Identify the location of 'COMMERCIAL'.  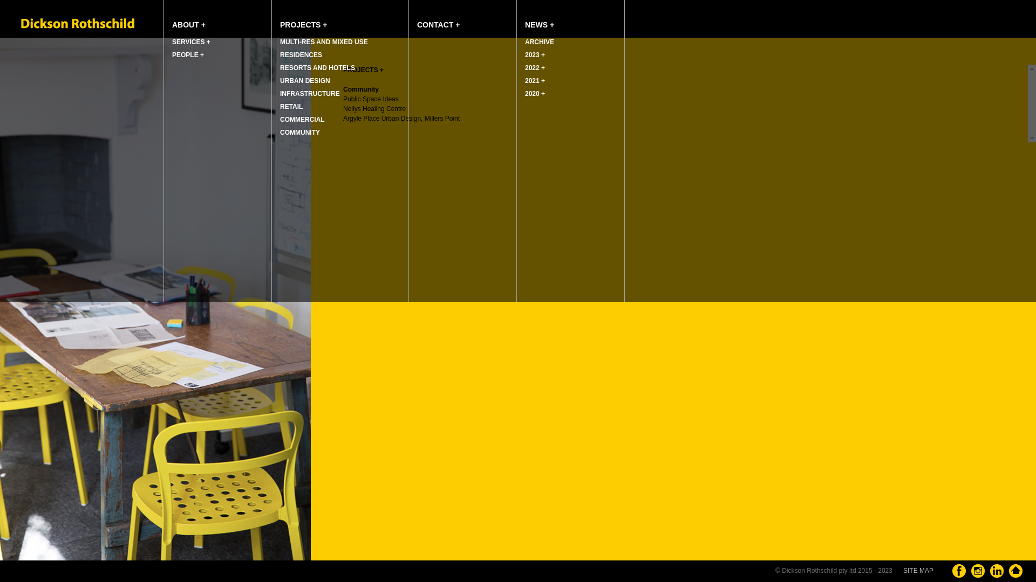
(339, 120).